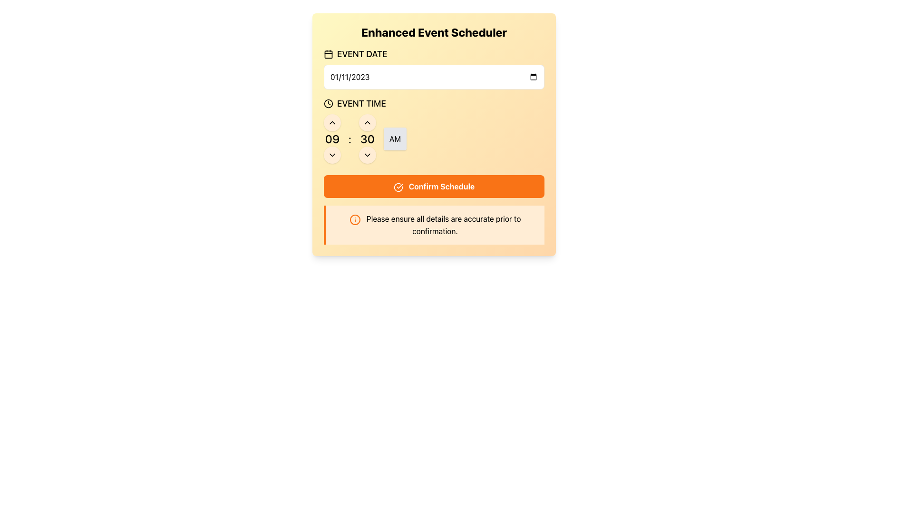 Image resolution: width=913 pixels, height=514 pixels. Describe the element at coordinates (332, 155) in the screenshot. I see `the circular button with an orange background and downward-pointing arrow icon located below the '09' number in the hour selection group of the event time picker to decrease the hour` at that location.